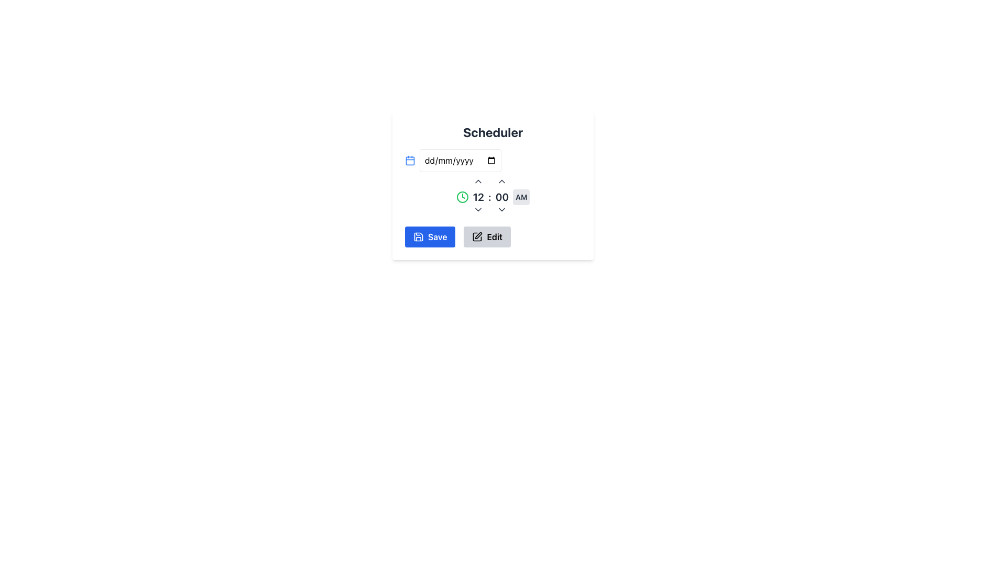 This screenshot has height=565, width=1006. I want to click on the 'Save' button with a blue background and white text located under the 'Scheduler' header, so click(430, 236).